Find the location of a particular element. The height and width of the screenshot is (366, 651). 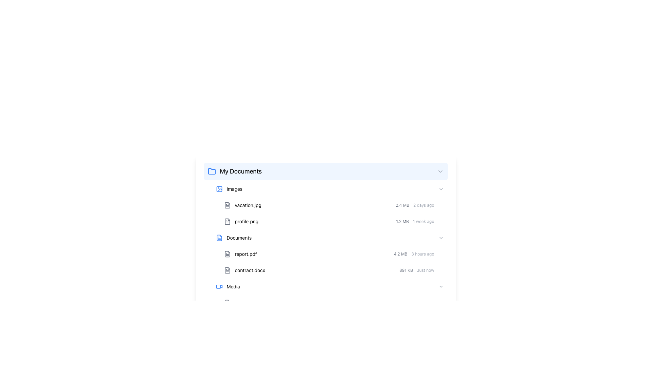

the label displaying '3 hours ago' in a diminutive gray font, which is located to the right of the file size '4.2 MB' in the file metadata row is located at coordinates (422, 254).